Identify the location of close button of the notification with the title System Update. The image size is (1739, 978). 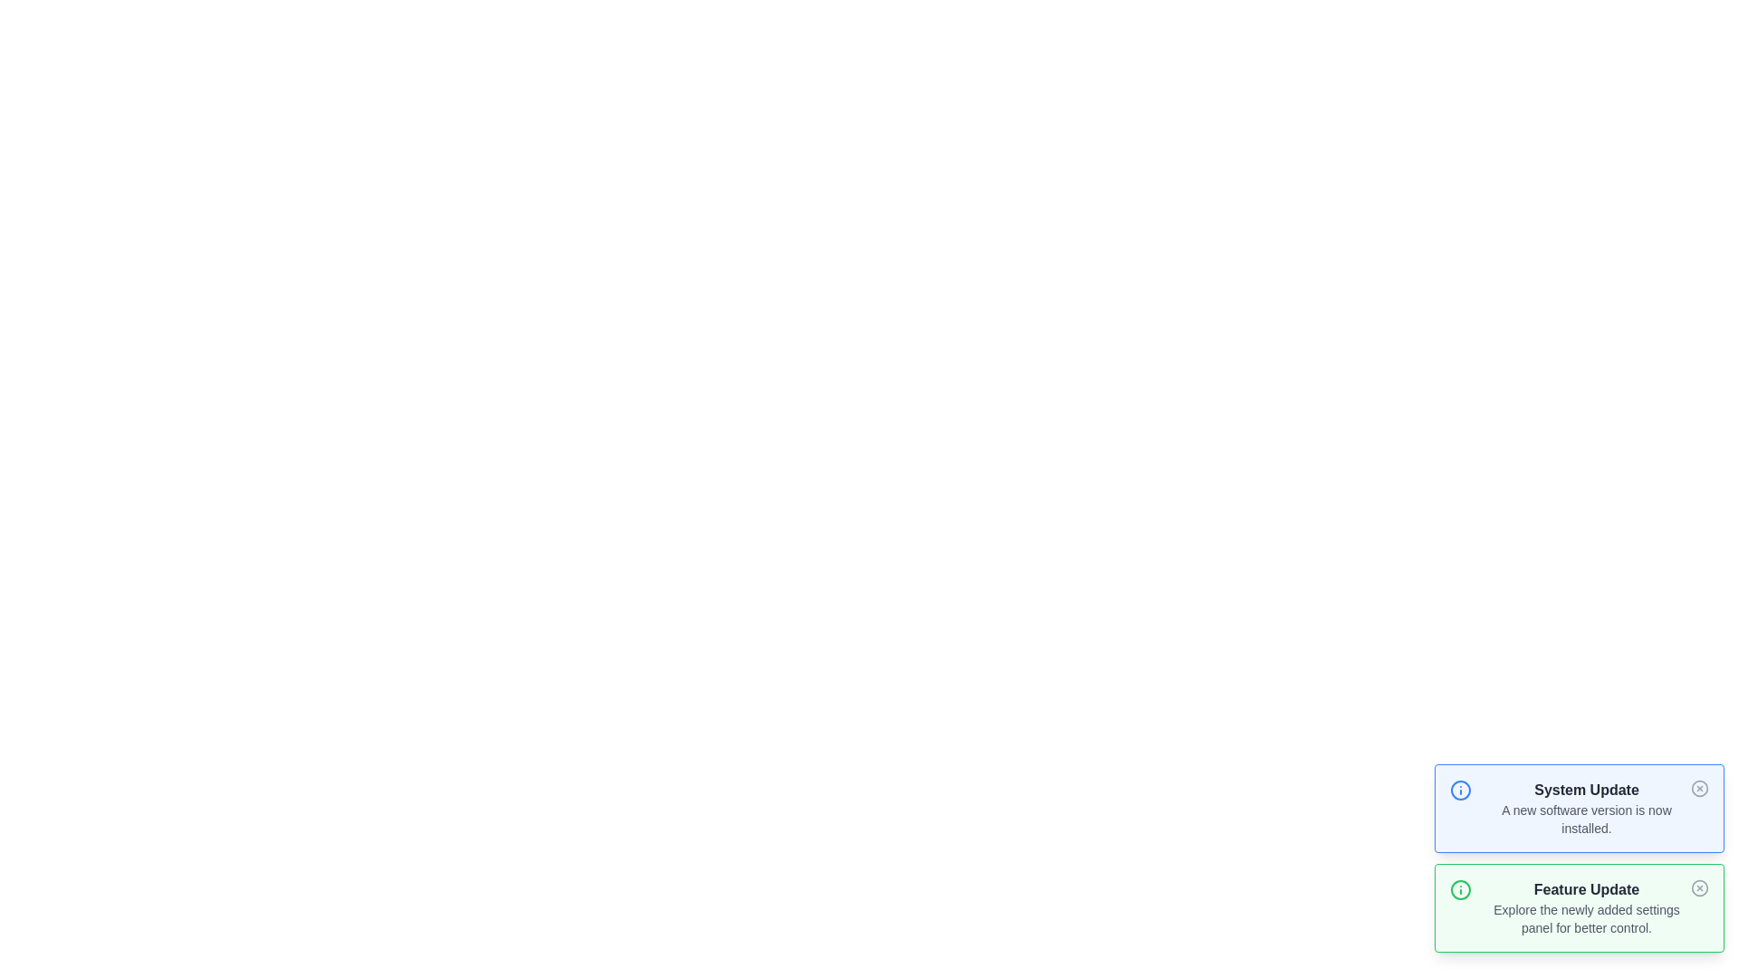
(1698, 788).